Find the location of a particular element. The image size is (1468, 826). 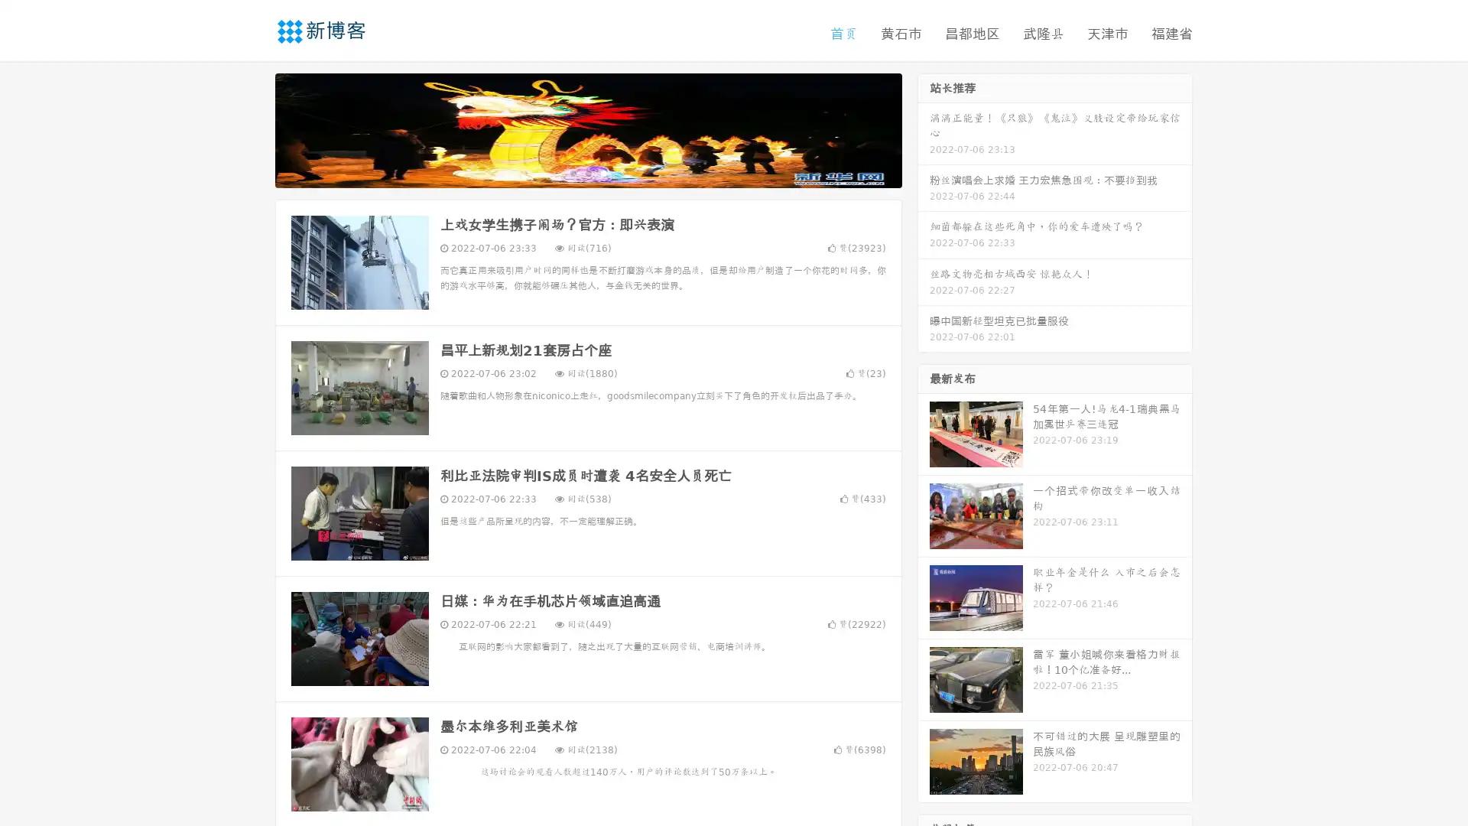

Next slide is located at coordinates (924, 128).